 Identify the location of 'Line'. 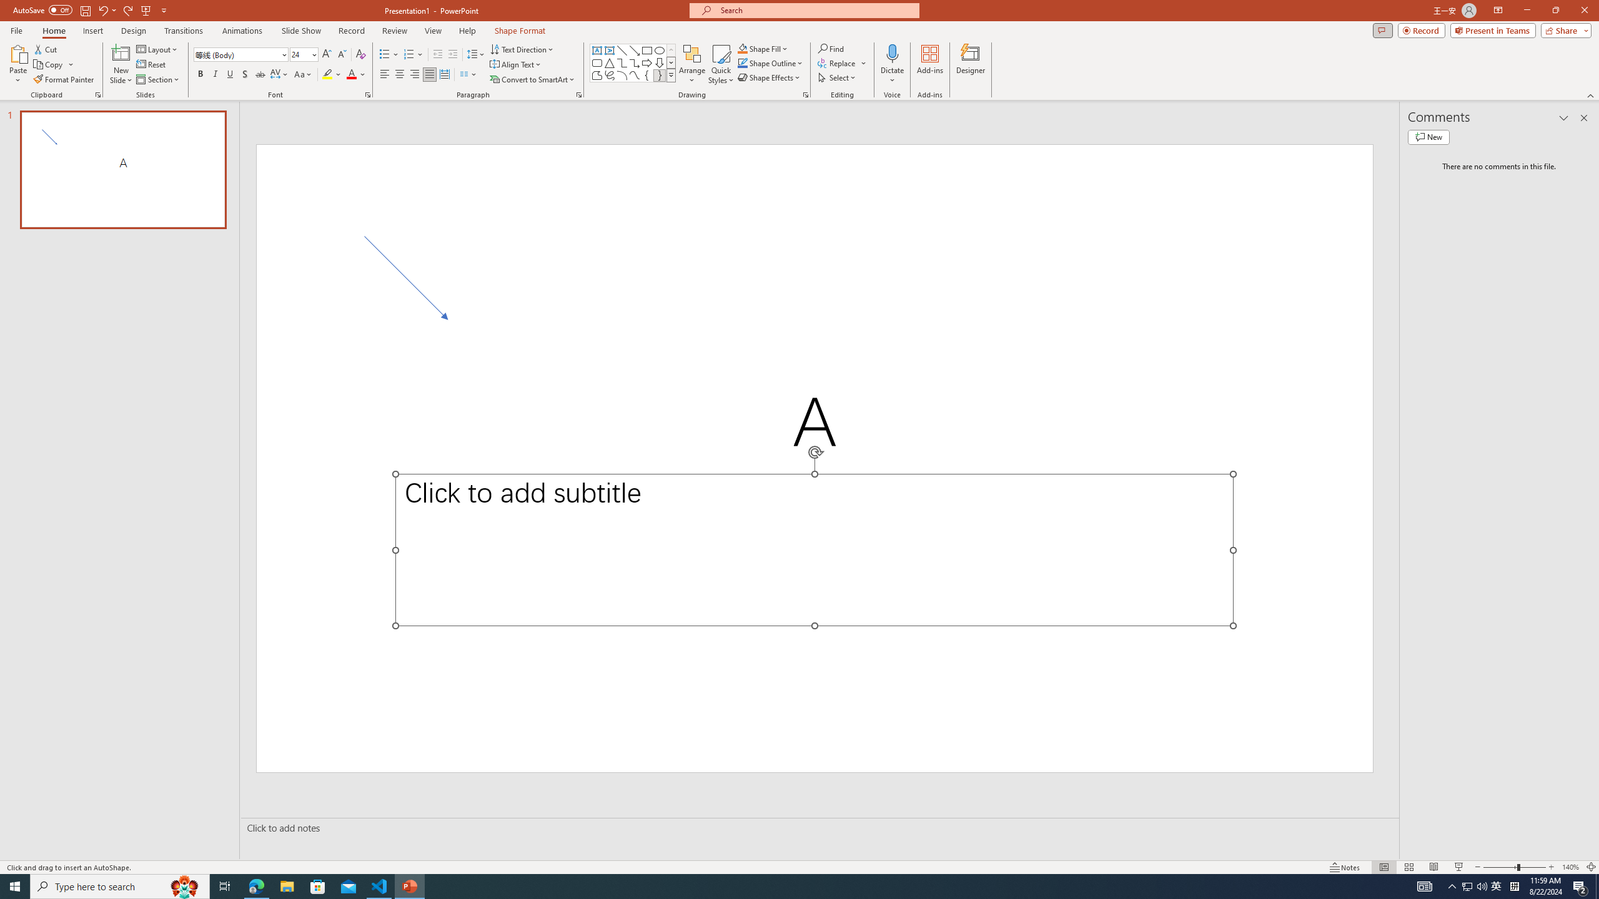
(621, 50).